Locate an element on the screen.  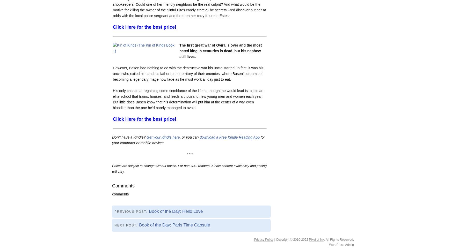
'Book of the Day: Paris Time Capsule' is located at coordinates (139, 225).